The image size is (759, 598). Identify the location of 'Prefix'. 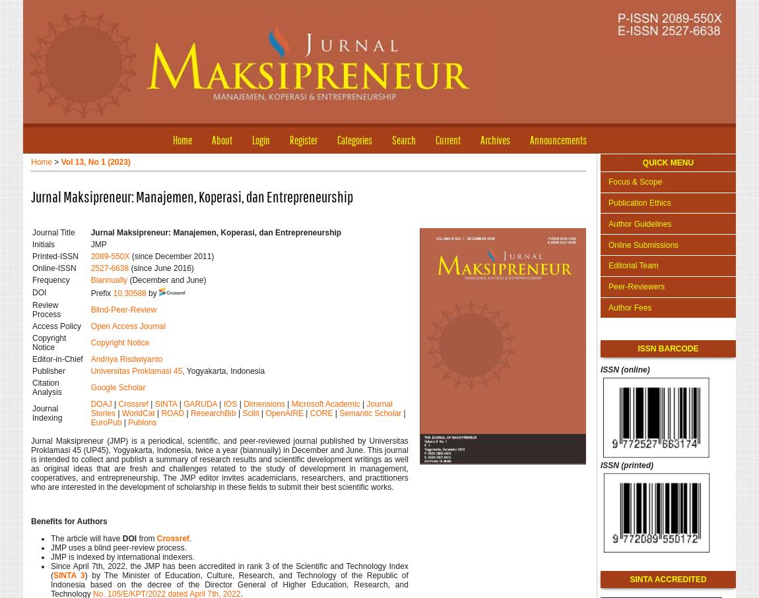
(100, 292).